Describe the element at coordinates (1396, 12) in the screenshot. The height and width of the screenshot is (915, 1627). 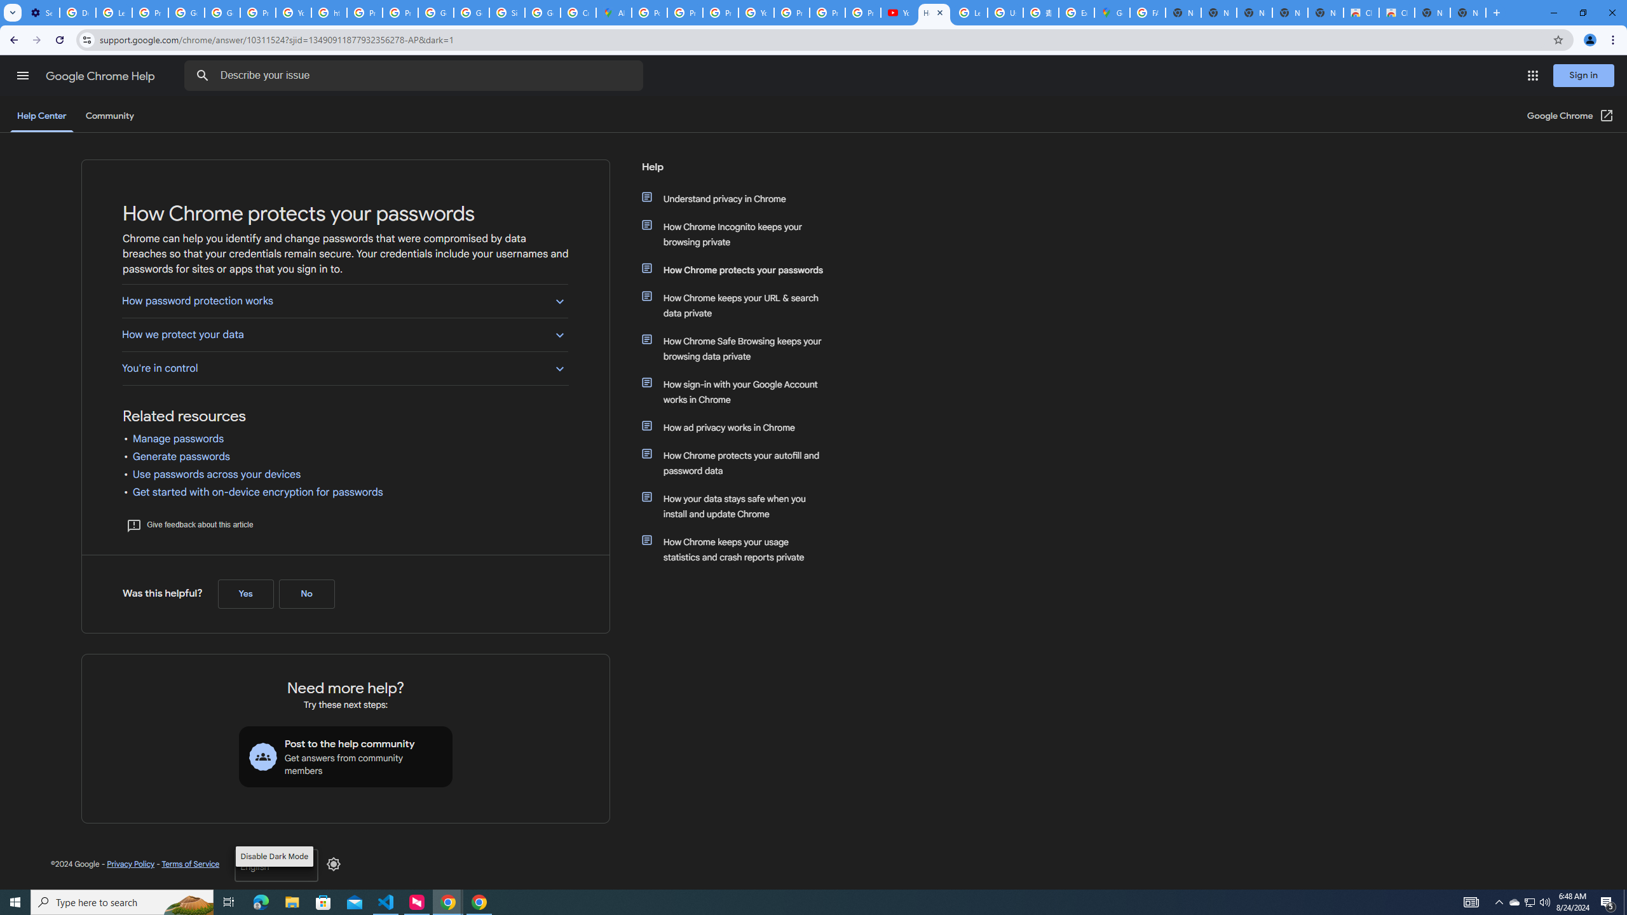
I see `'Classic Blue - Chrome Web Store'` at that location.